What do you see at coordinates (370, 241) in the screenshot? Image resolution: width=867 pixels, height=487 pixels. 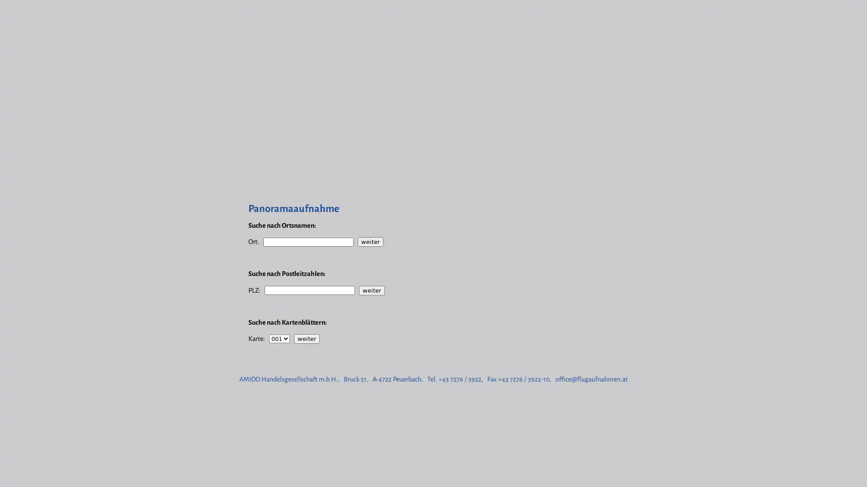 I see `weiter` at bounding box center [370, 241].